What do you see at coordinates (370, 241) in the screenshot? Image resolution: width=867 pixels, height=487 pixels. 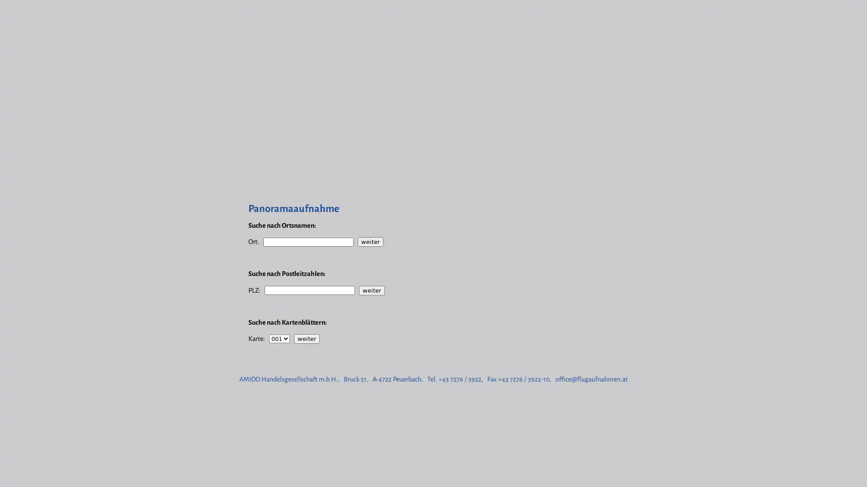 I see `weiter` at bounding box center [370, 241].